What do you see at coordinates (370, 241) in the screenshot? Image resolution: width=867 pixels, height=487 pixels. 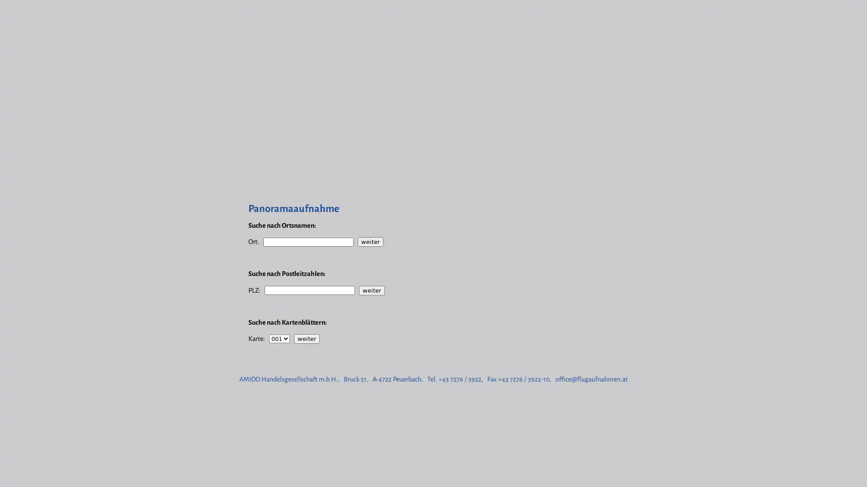 I see `weiter` at bounding box center [370, 241].